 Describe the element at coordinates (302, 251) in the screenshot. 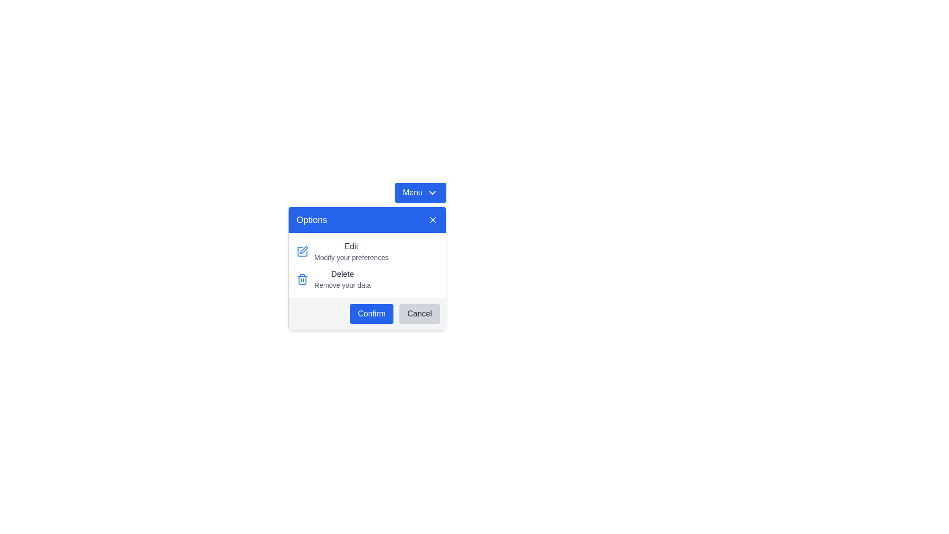

I see `the small blue pen icon inside a square outline located on the left side of the 'Edit' section within the 'Options' modal dialog` at that location.